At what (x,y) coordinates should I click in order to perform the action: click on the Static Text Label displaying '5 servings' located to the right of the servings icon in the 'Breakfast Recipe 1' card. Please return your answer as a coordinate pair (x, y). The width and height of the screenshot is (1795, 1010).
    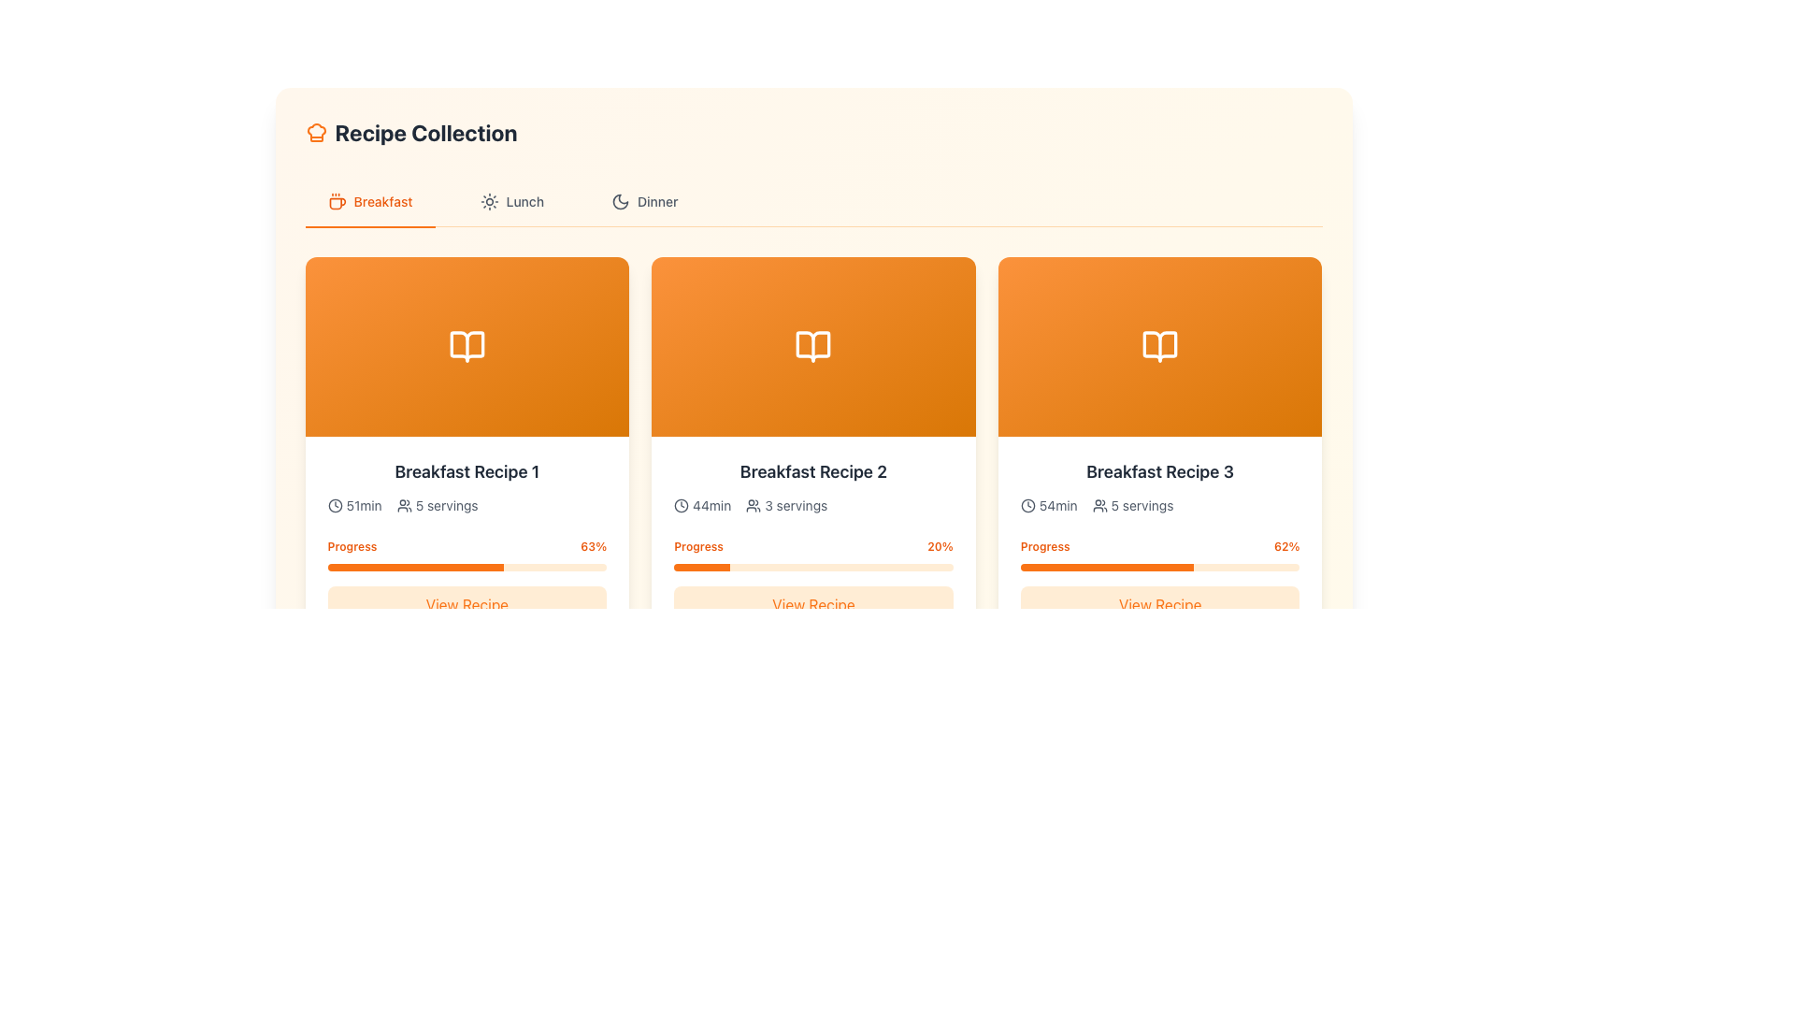
    Looking at the image, I should click on (446, 505).